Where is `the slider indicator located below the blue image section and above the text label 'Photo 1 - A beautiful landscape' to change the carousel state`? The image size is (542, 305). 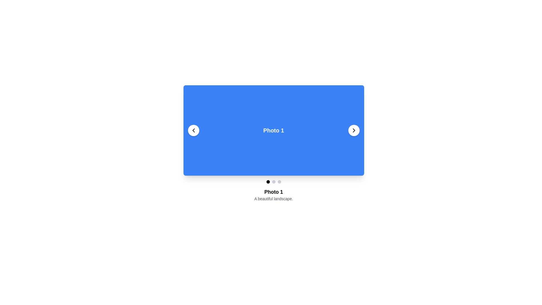
the slider indicator located below the blue image section and above the text label 'Photo 1 - A beautiful landscape' to change the carousel state is located at coordinates (274, 182).